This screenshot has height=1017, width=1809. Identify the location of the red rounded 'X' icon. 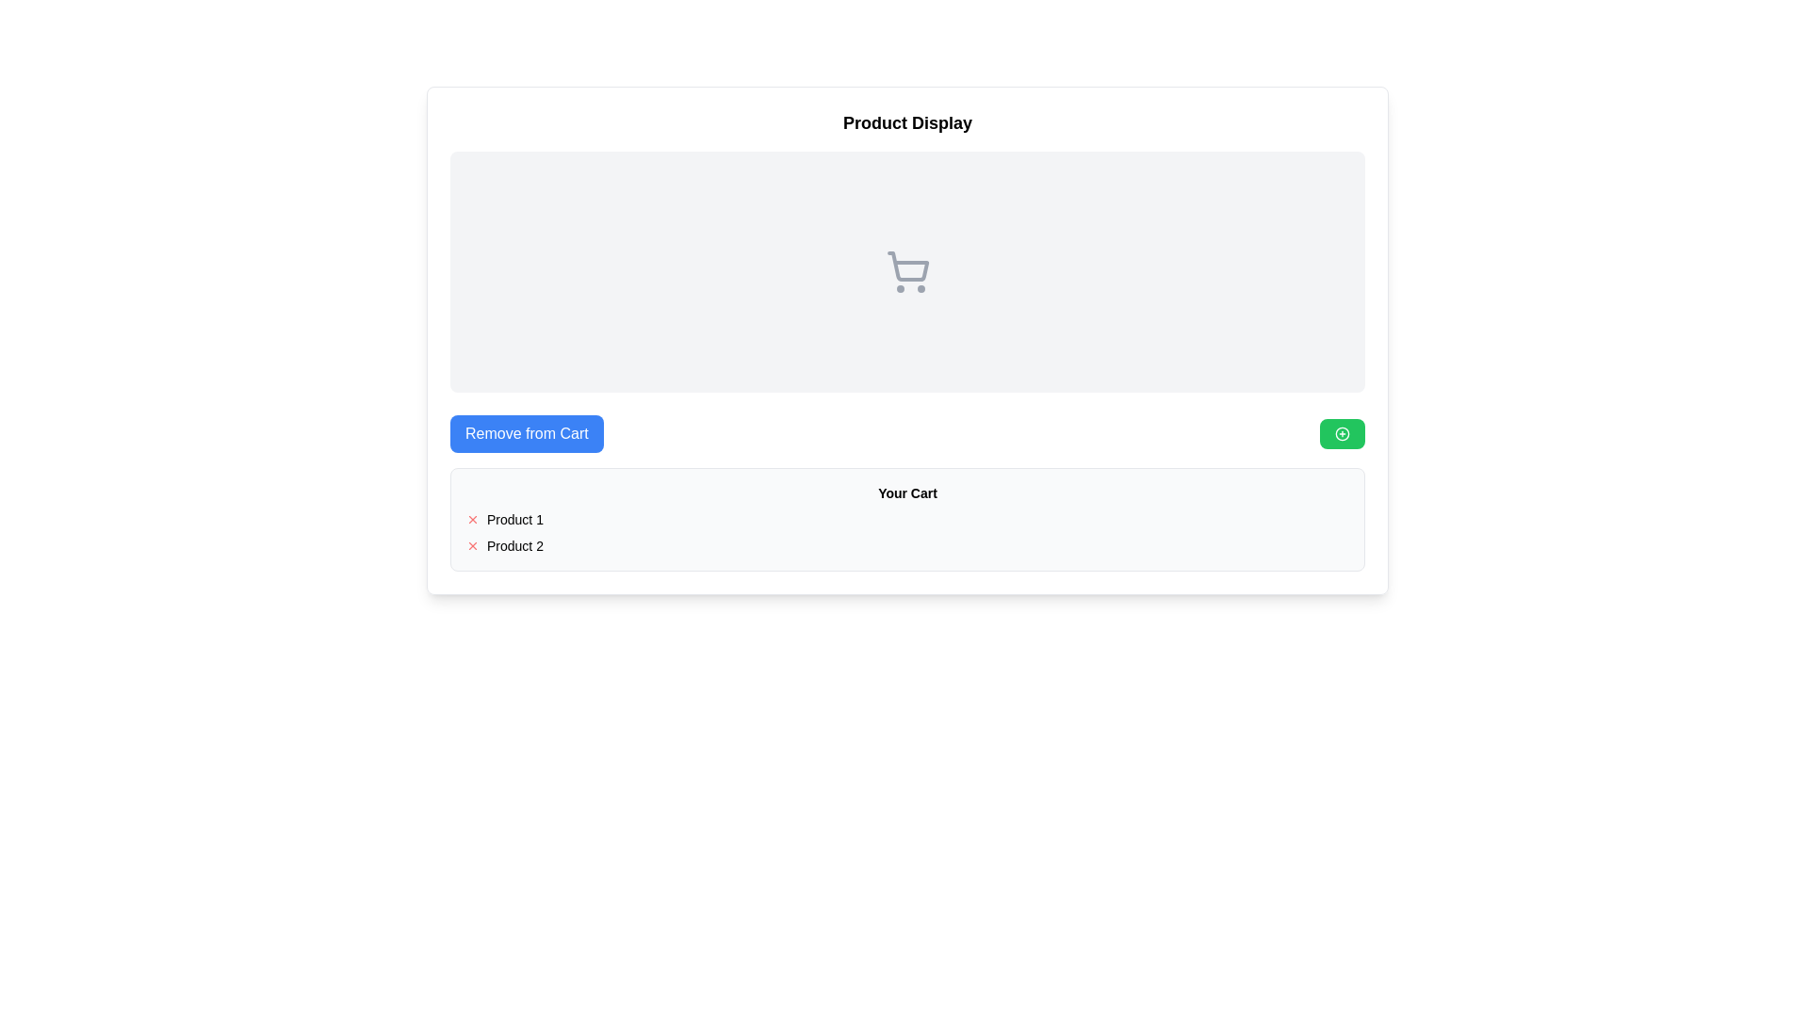
(473, 519).